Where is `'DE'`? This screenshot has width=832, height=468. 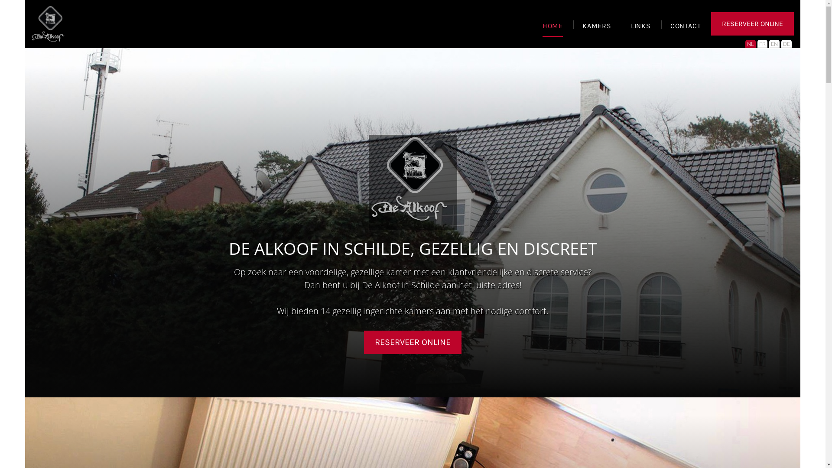
'DE' is located at coordinates (786, 43).